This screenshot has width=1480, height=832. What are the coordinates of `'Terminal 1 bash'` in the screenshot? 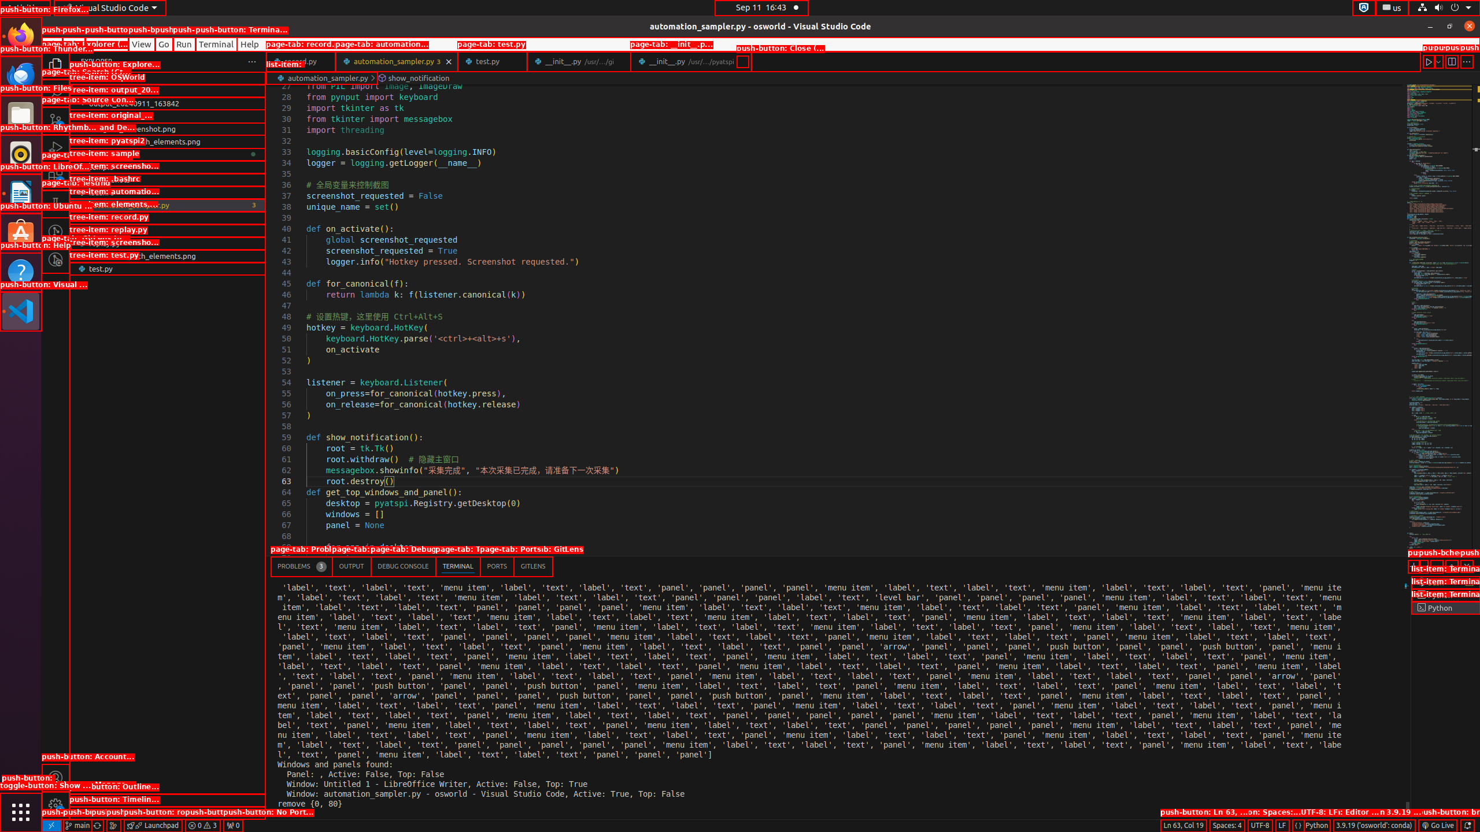 It's located at (1445, 582).